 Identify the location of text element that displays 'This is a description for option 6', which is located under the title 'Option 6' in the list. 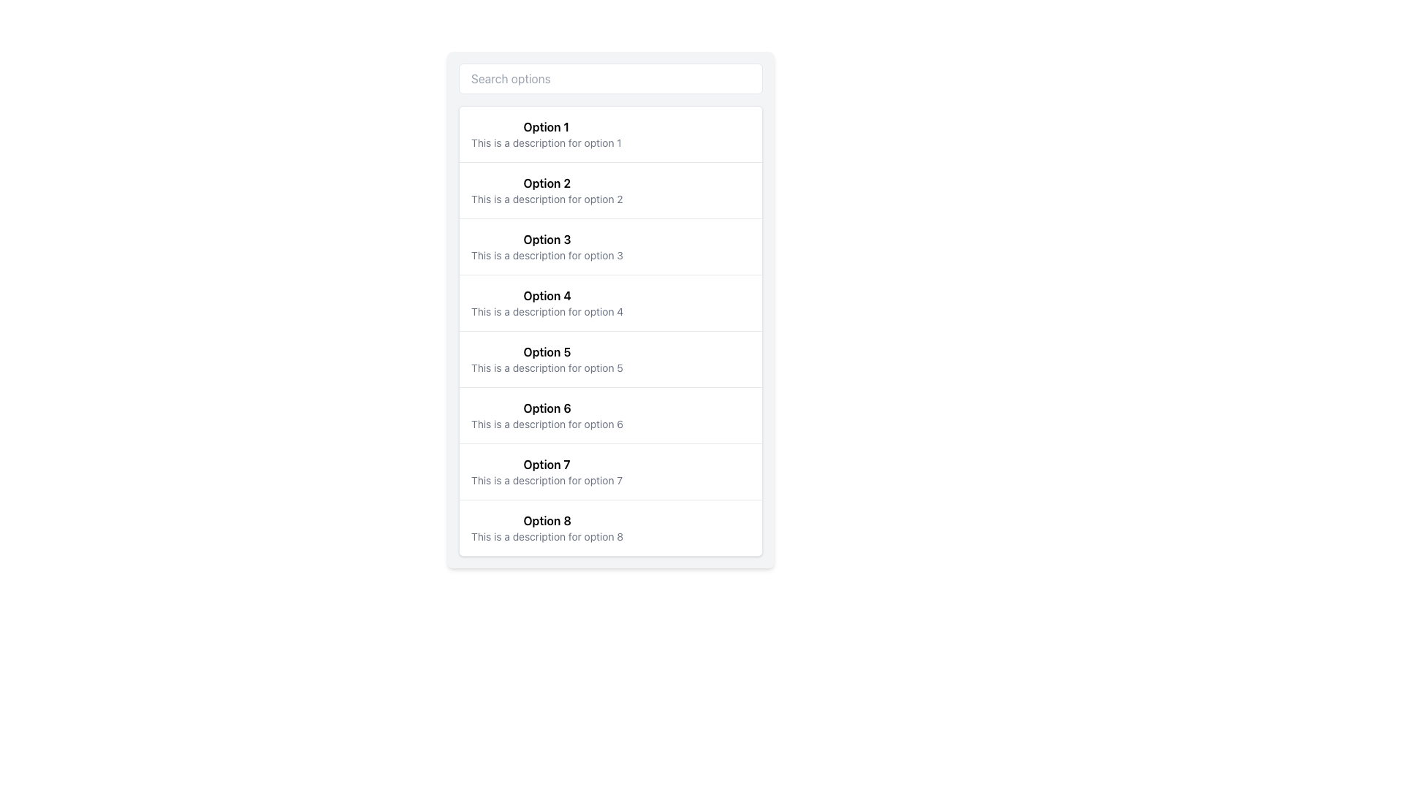
(546, 424).